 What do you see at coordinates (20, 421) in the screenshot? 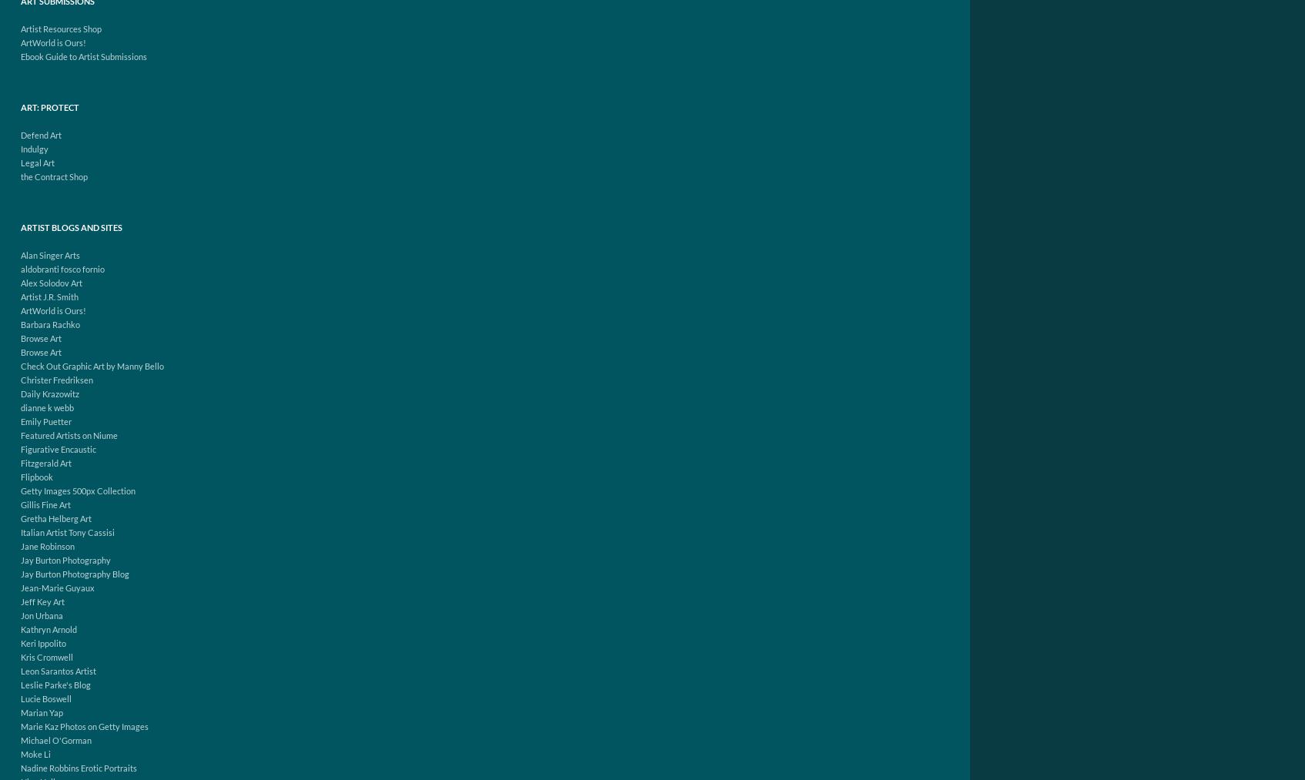
I see `'Emily Puetter'` at bounding box center [20, 421].